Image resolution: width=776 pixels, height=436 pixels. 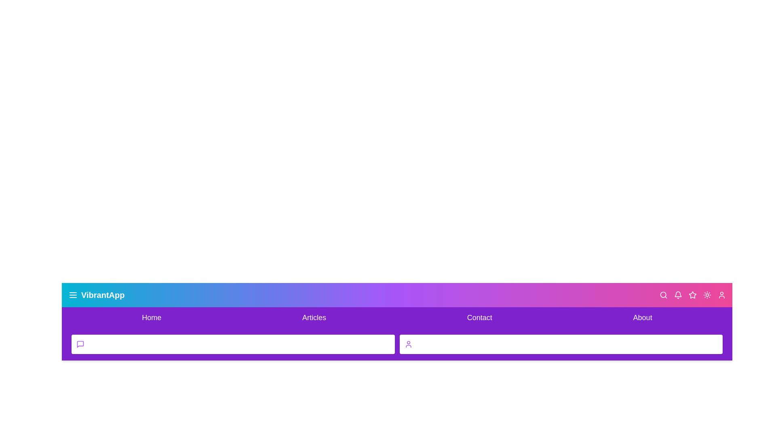 What do you see at coordinates (721, 295) in the screenshot?
I see `the user icon to access user options` at bounding box center [721, 295].